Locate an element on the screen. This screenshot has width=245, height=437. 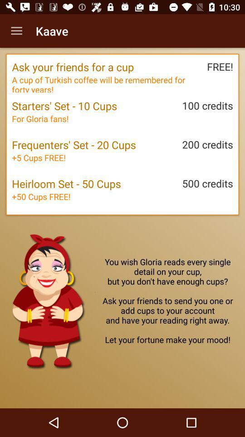
icon next to the kaave app is located at coordinates (16, 31).